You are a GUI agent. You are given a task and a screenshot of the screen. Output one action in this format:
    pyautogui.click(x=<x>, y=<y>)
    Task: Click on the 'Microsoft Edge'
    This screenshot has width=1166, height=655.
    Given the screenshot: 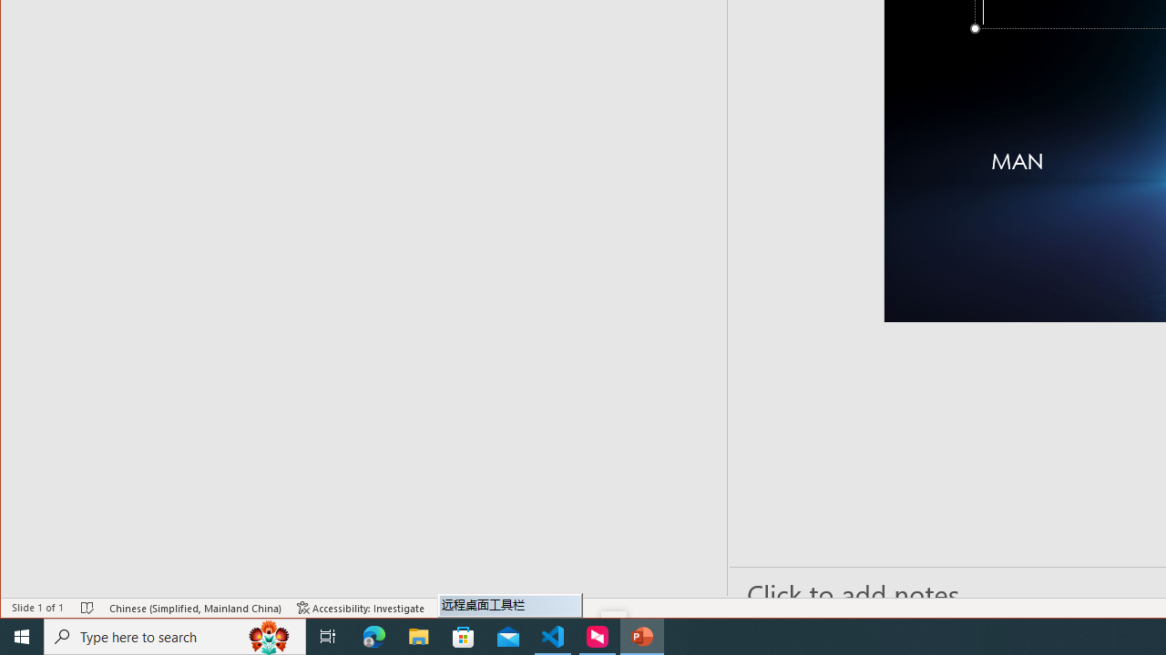 What is the action you would take?
    pyautogui.click(x=373, y=635)
    